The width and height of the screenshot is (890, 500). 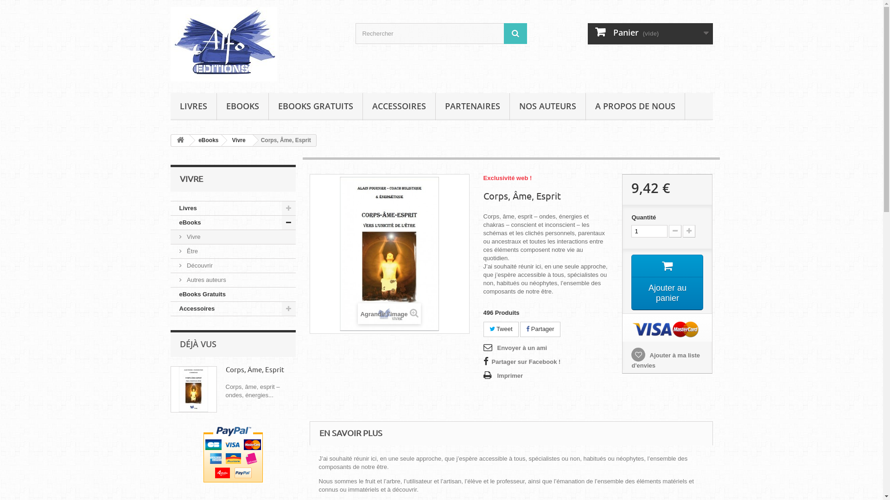 I want to click on 'Autres auteurs', so click(x=233, y=280).